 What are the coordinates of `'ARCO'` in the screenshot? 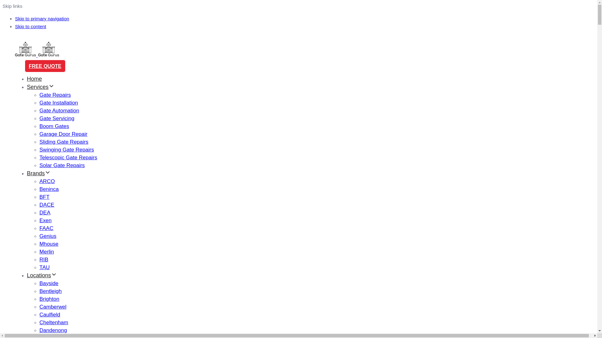 It's located at (47, 181).